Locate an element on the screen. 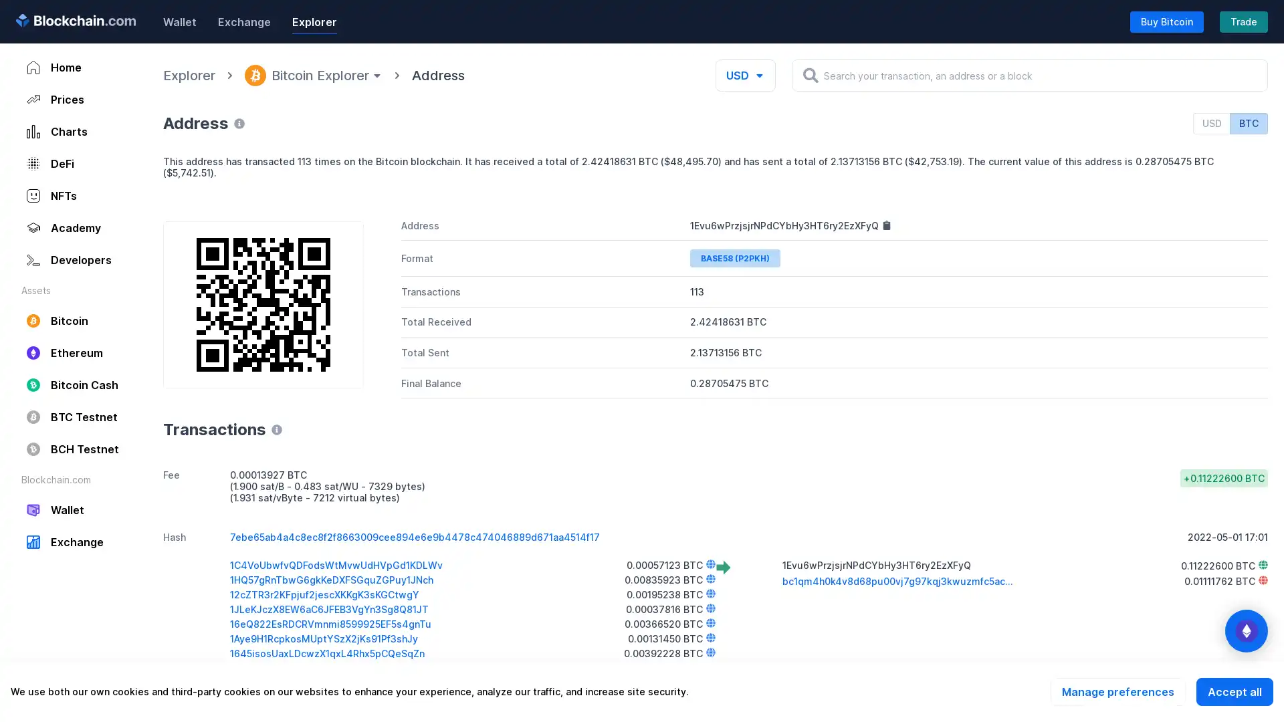 Image resolution: width=1284 pixels, height=722 pixels. Trade is located at coordinates (1243, 21).